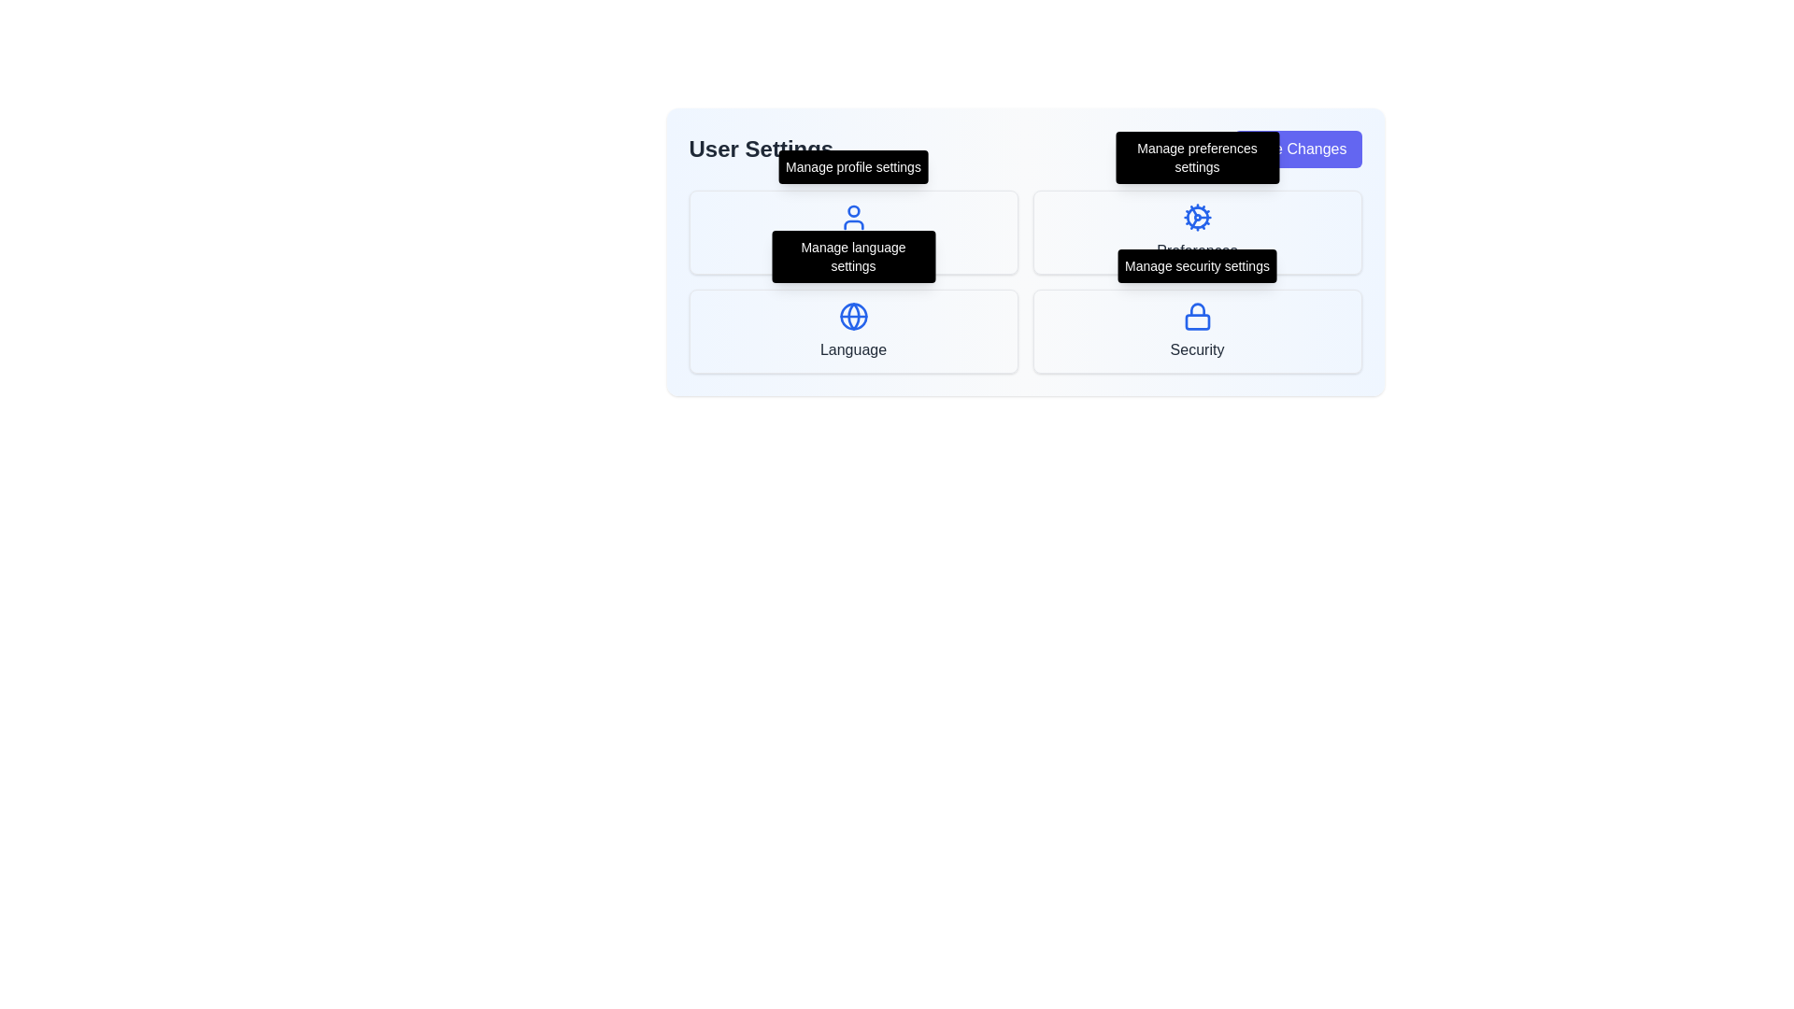 This screenshot has height=1009, width=1794. I want to click on the 'Preferences' text label, which is styled in medium-weight gray font and located beneath the gear icon within the card titled 'Preferences', so click(1197, 250).